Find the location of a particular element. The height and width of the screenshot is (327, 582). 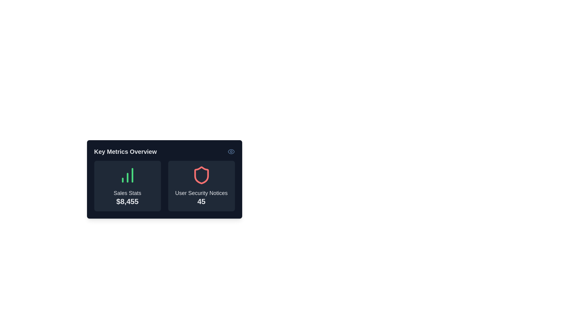

displayed information on the security notices card, which is the second card in the grid layout, positioned to the right of the 'Sales Stats' card is located at coordinates (201, 186).